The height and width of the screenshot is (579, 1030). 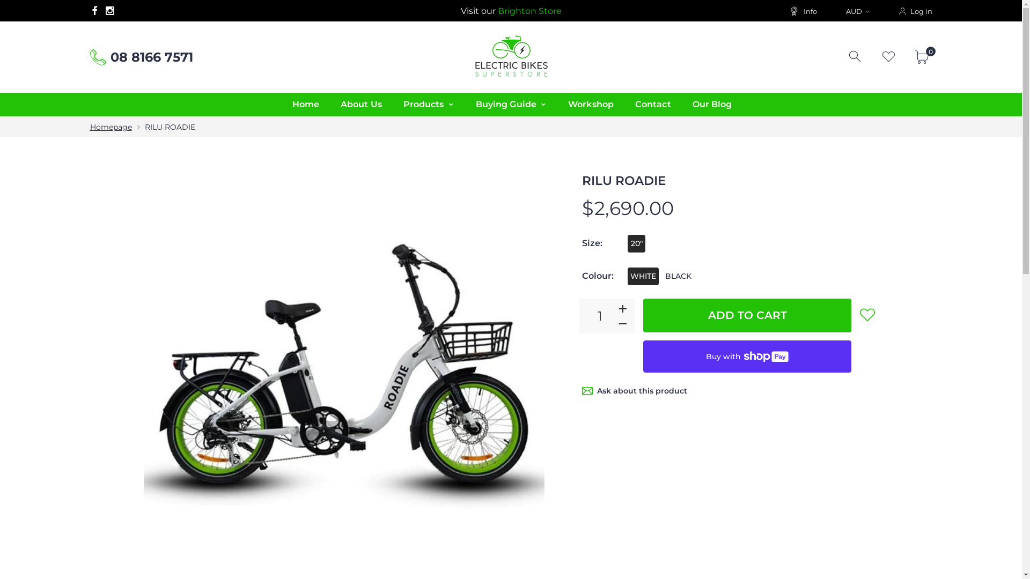 What do you see at coordinates (857, 11) in the screenshot?
I see `'AUD'` at bounding box center [857, 11].